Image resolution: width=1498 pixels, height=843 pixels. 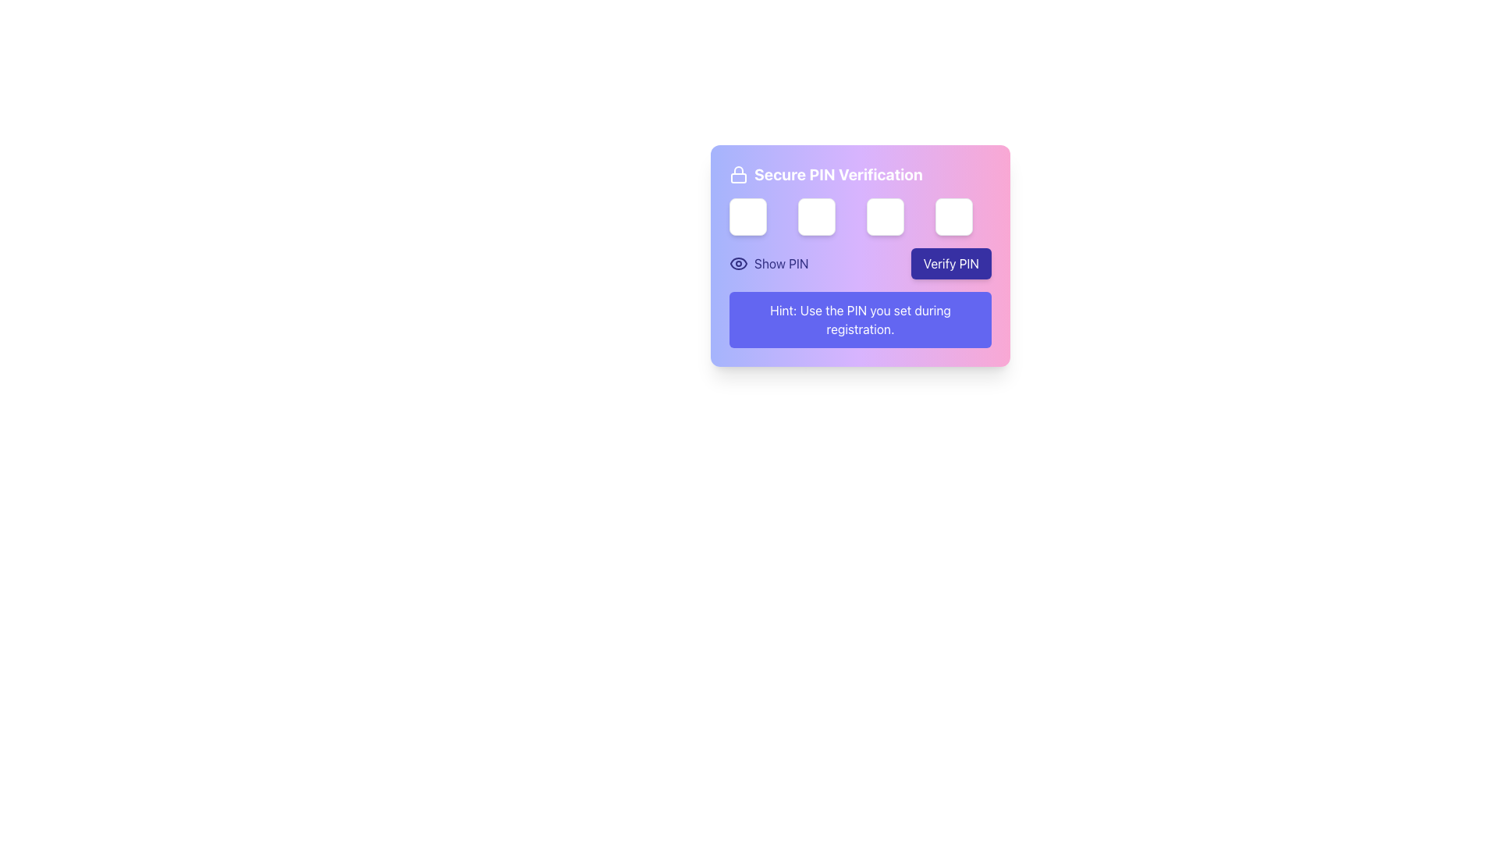 What do you see at coordinates (815, 216) in the screenshot?
I see `the second password input box to focus the input for entering characters` at bounding box center [815, 216].